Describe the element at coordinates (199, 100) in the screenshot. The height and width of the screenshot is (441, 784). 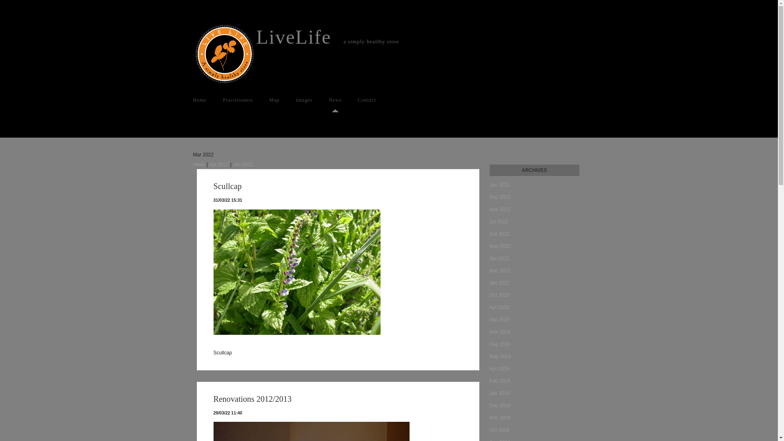
I see `'Home'` at that location.